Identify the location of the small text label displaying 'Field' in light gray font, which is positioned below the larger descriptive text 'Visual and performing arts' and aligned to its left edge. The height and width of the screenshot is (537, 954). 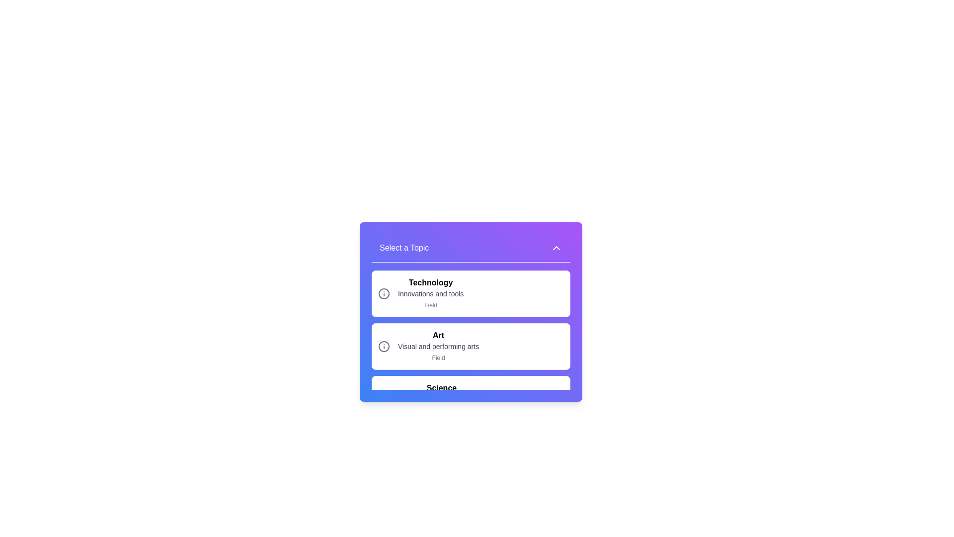
(438, 358).